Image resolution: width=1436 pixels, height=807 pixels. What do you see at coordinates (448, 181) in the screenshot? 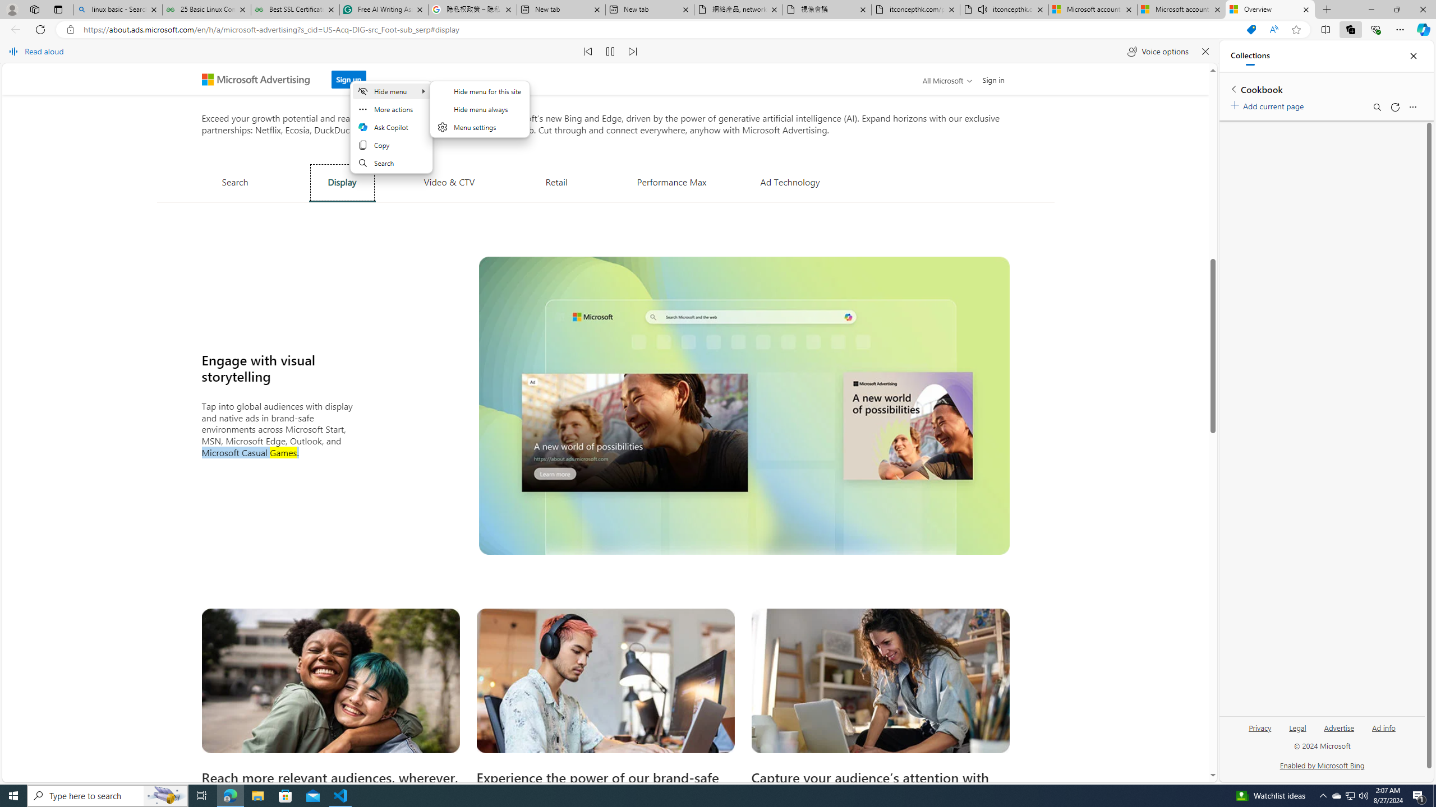
I see `'Video & CTV'` at bounding box center [448, 181].